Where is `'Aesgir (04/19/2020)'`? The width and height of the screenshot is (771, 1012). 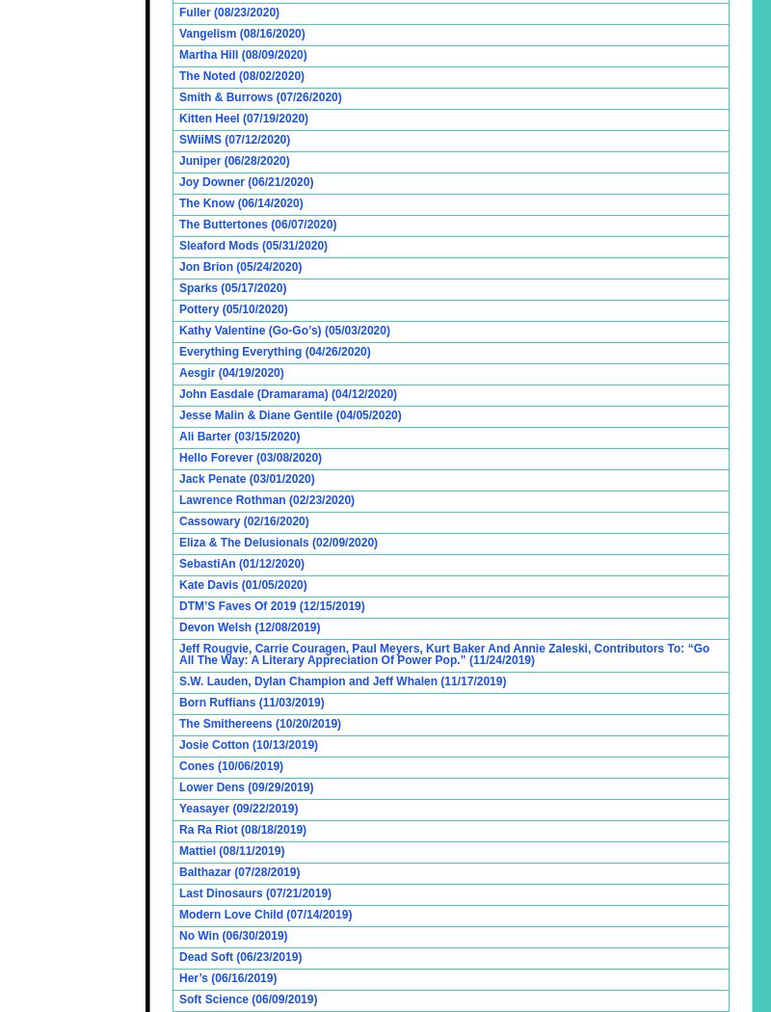
'Aesgir (04/19/2020)' is located at coordinates (178, 373).